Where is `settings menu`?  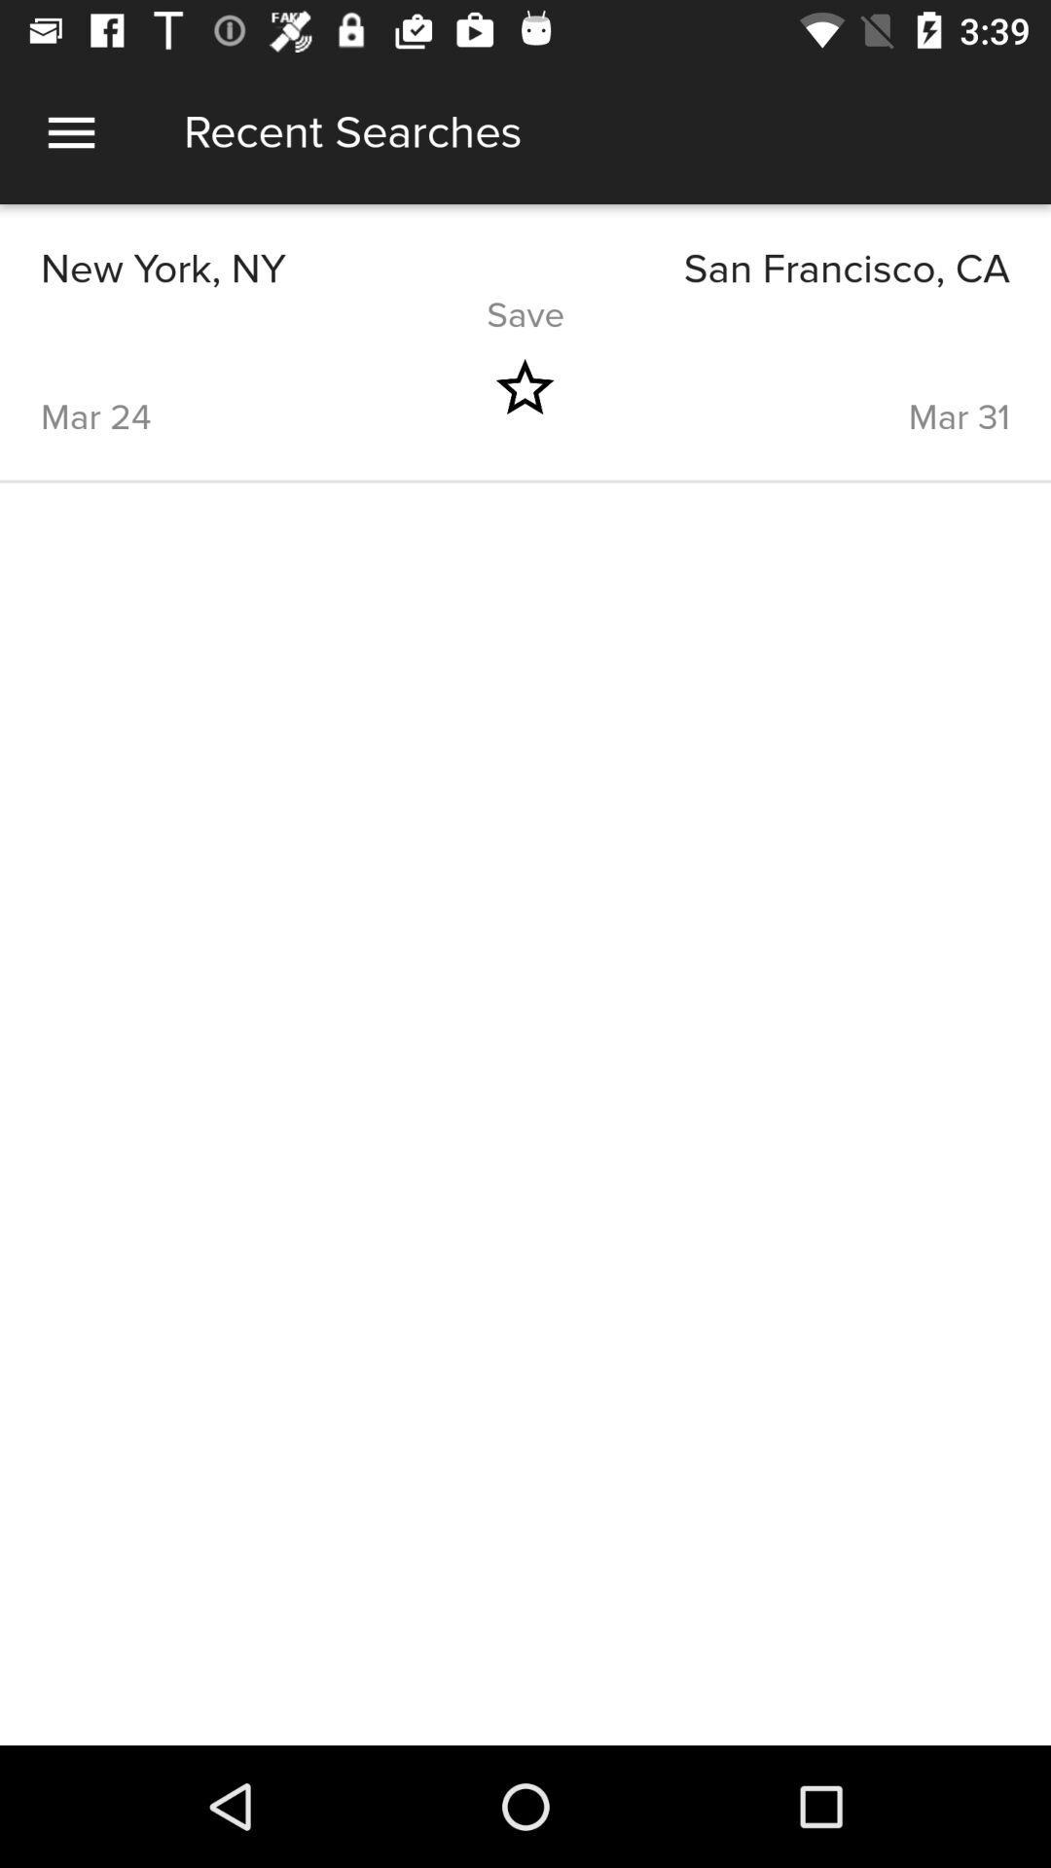 settings menu is located at coordinates (70, 131).